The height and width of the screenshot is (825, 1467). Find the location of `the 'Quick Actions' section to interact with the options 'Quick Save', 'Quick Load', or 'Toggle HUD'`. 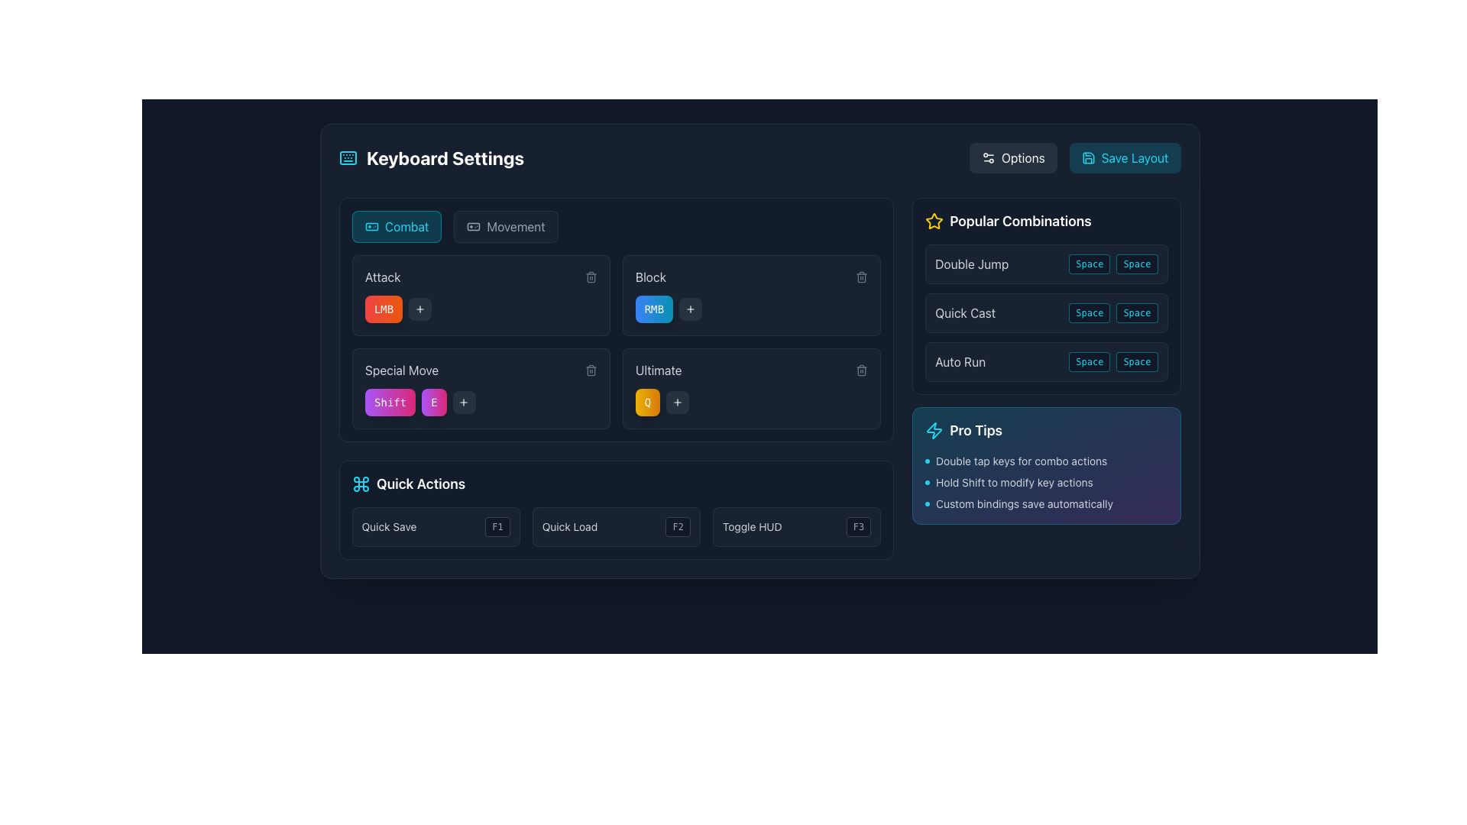

the 'Quick Actions' section to interact with the options 'Quick Save', 'Quick Load', or 'Toggle HUD' is located at coordinates (616, 510).